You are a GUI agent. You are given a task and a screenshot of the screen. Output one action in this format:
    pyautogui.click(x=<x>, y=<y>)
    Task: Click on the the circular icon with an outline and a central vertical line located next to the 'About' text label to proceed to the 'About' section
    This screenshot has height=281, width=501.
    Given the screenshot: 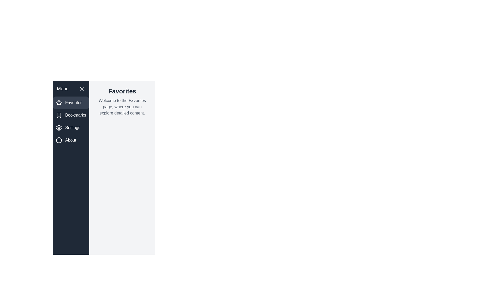 What is the action you would take?
    pyautogui.click(x=59, y=140)
    